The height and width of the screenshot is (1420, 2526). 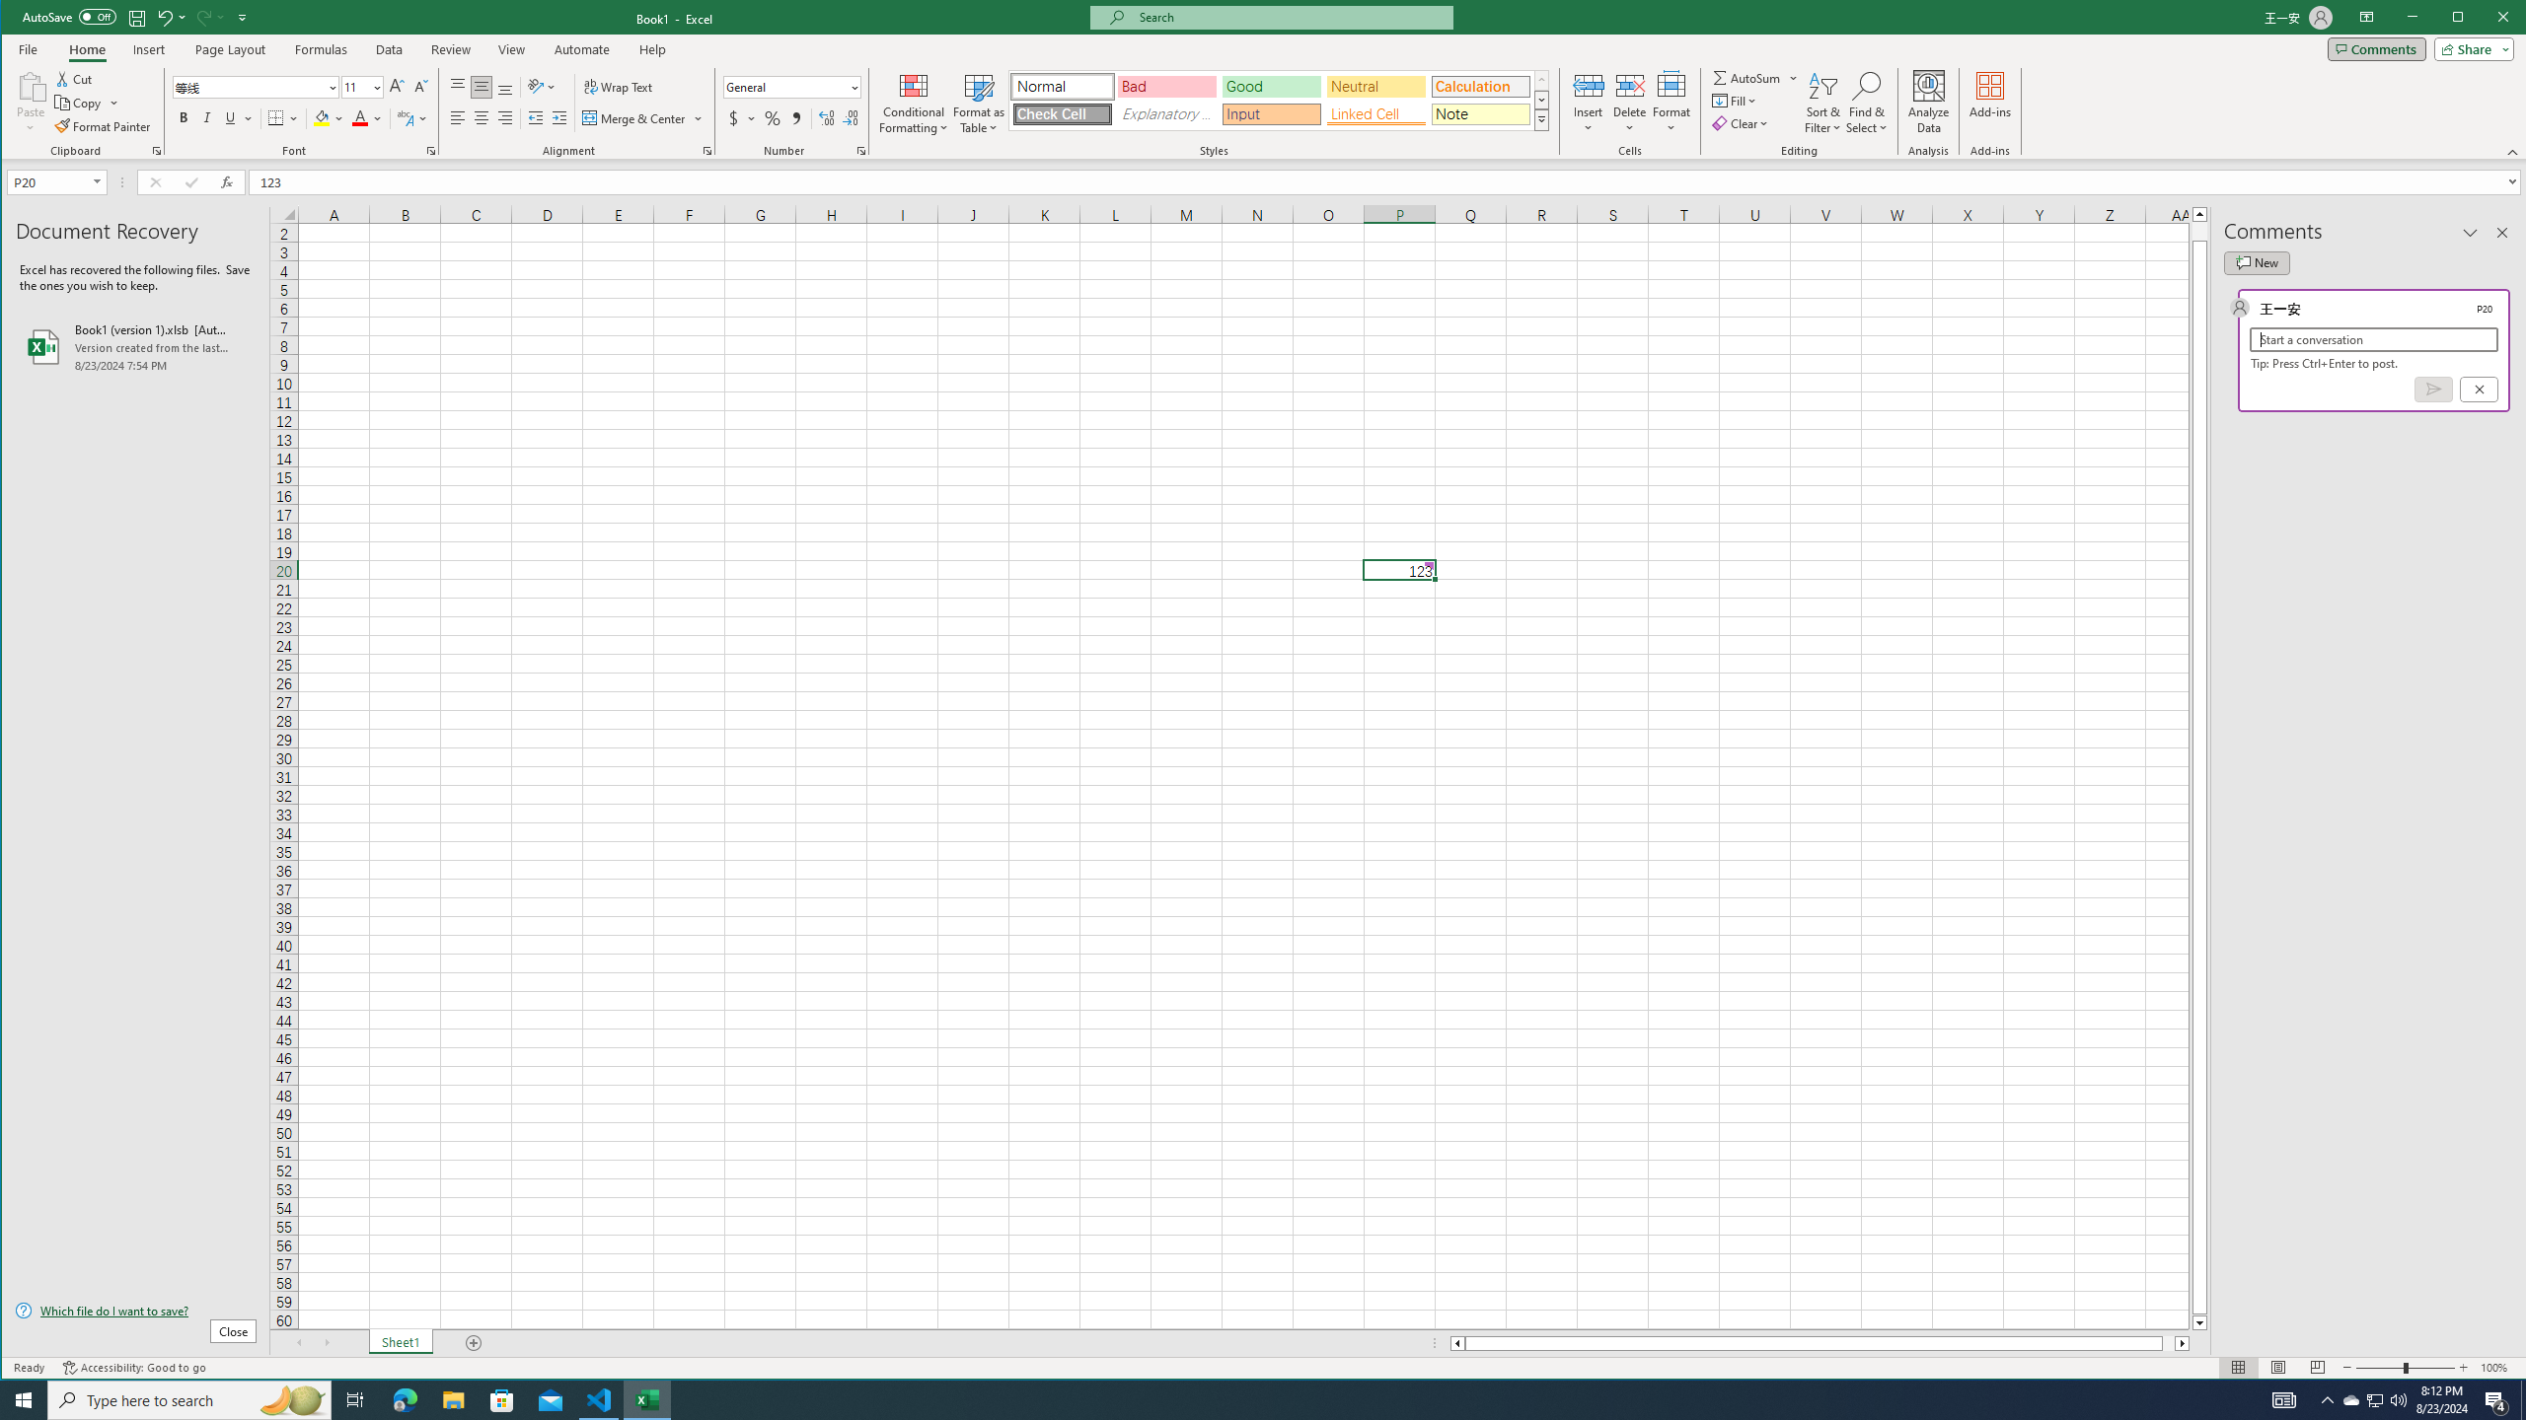 What do you see at coordinates (230, 117) in the screenshot?
I see `'Underline'` at bounding box center [230, 117].